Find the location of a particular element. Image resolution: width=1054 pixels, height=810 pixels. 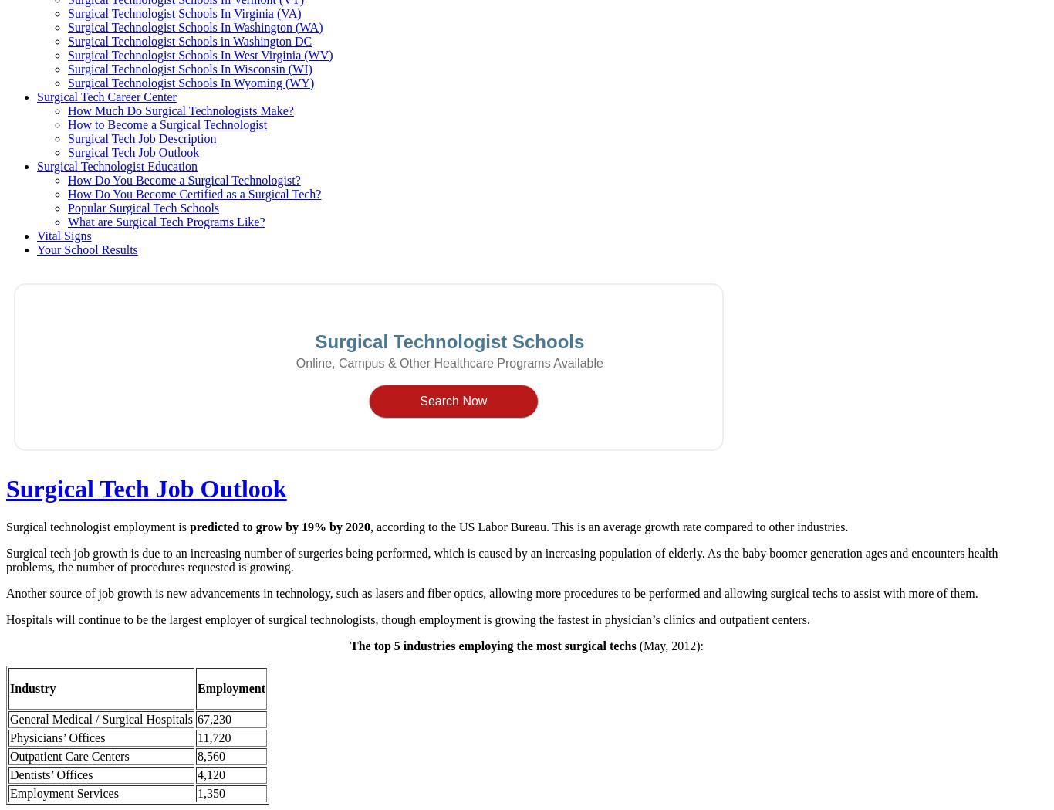

'Surgical Technologist Schools in Washington DC' is located at coordinates (67, 40).